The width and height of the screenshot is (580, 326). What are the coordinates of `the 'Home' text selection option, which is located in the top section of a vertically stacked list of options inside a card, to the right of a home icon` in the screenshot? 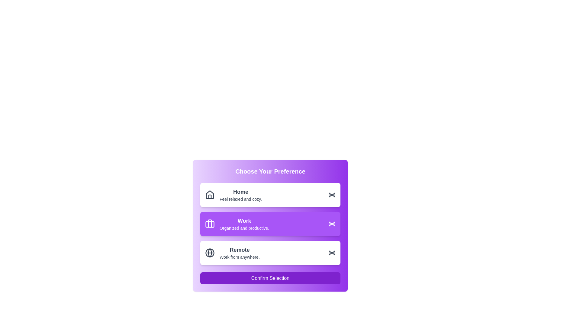 It's located at (240, 195).